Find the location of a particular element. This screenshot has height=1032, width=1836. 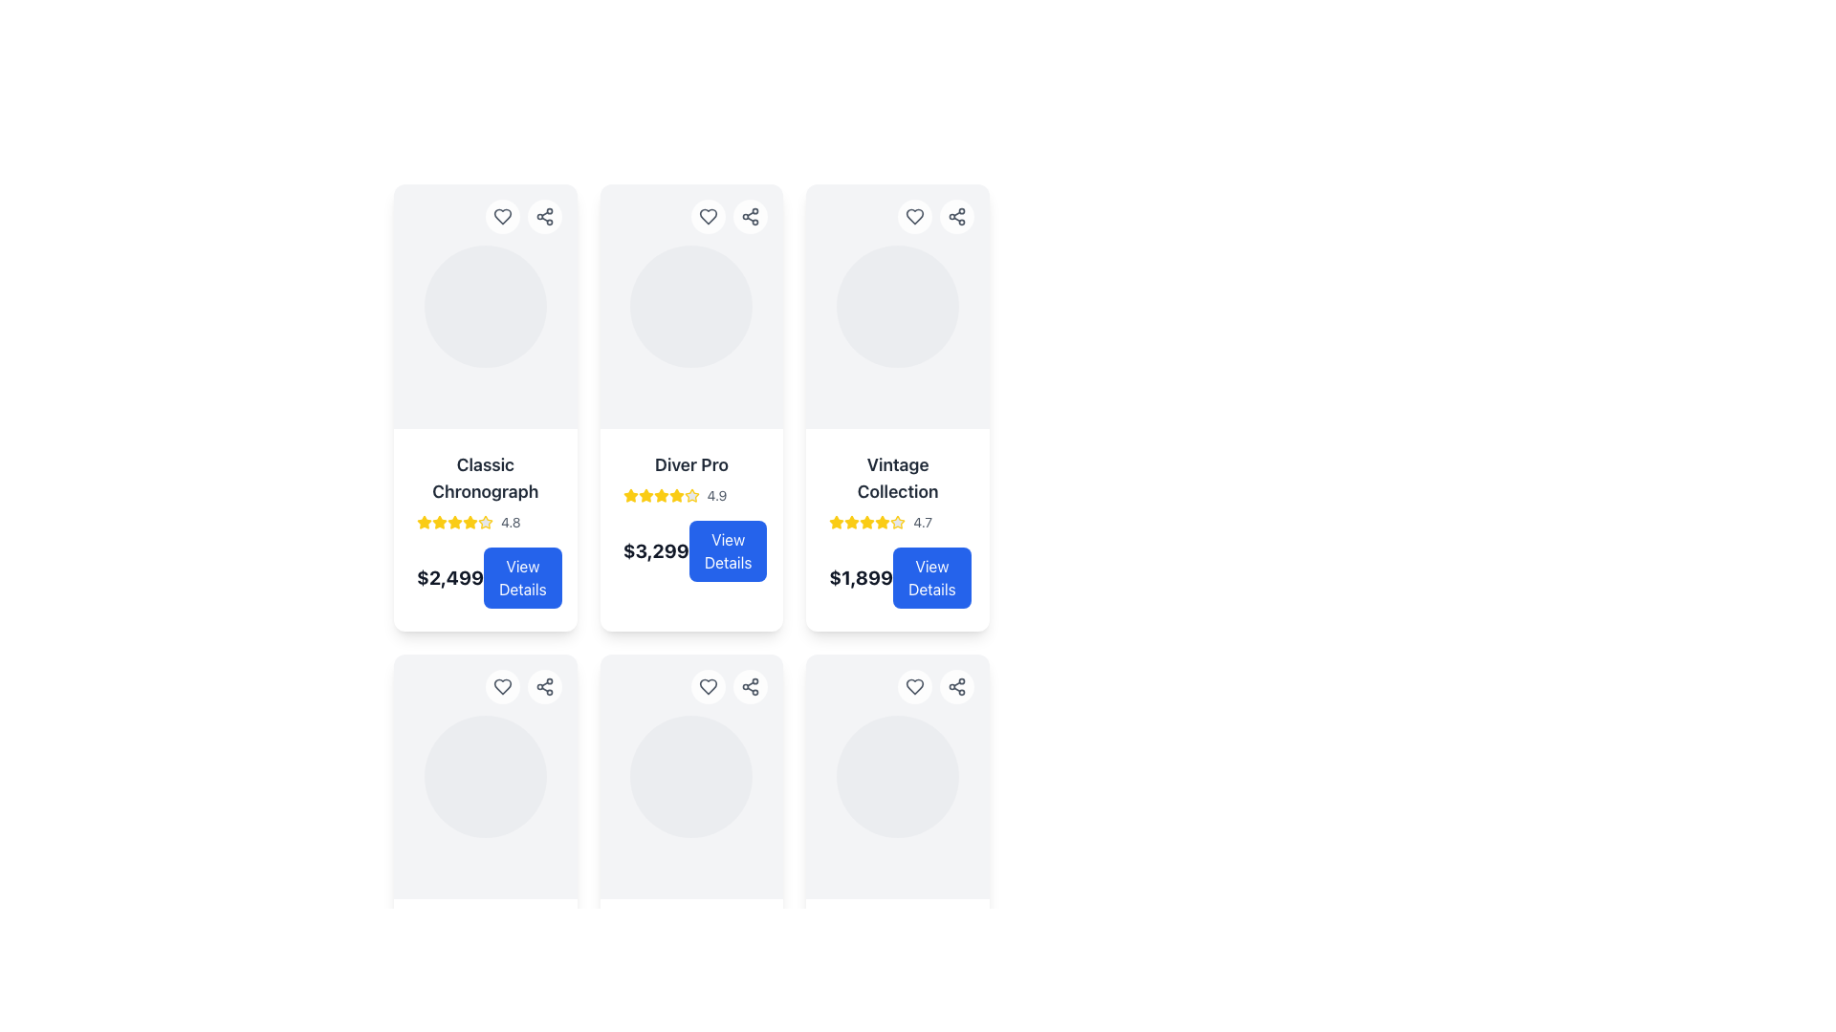

the favorite icon located in the upper-left region of the middle card in the bottom row to mark an item as favorite is located at coordinates (502, 685).